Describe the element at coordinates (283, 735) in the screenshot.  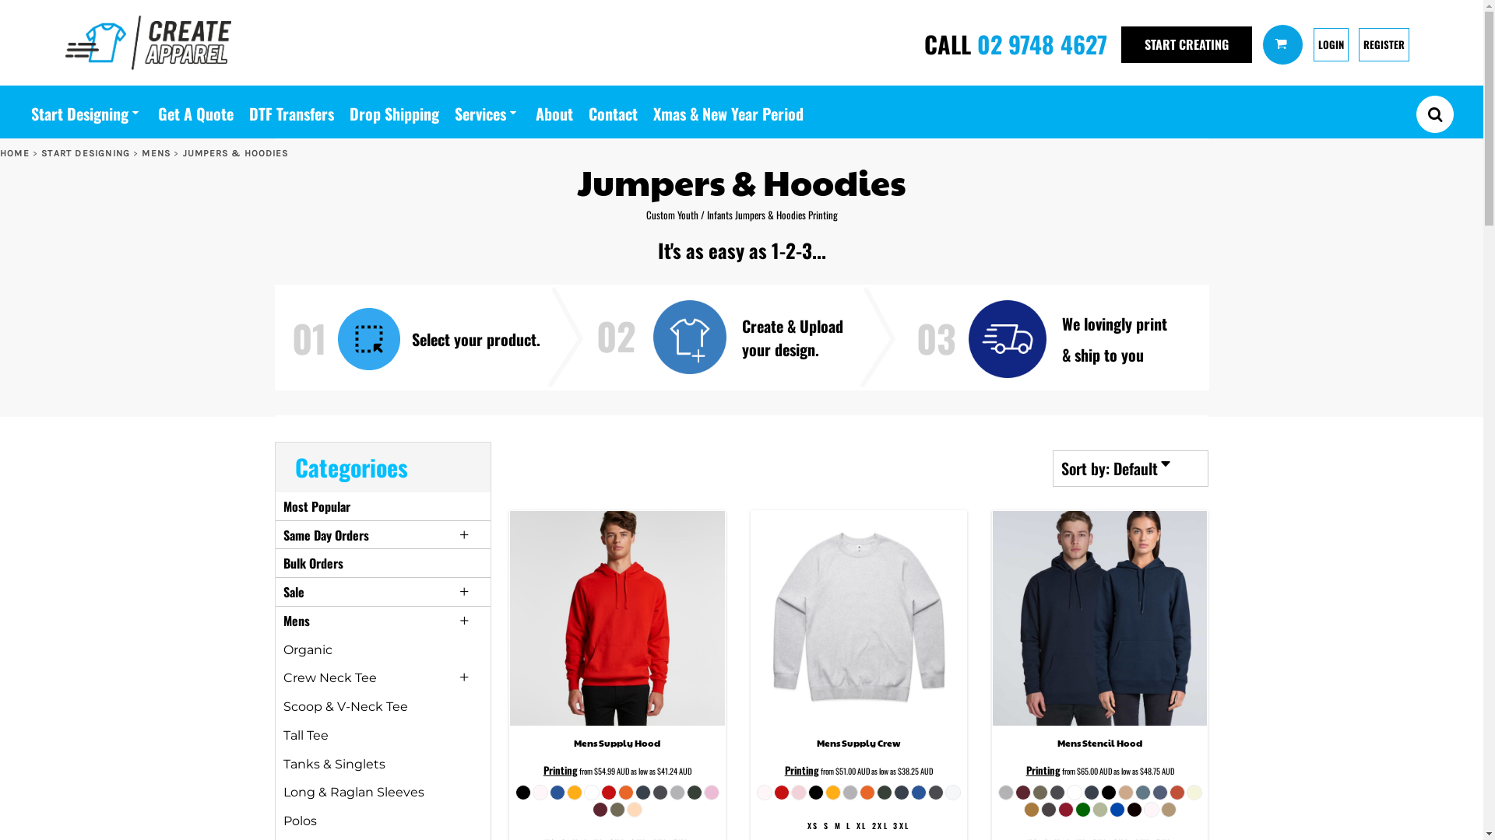
I see `'Tall Tee'` at that location.